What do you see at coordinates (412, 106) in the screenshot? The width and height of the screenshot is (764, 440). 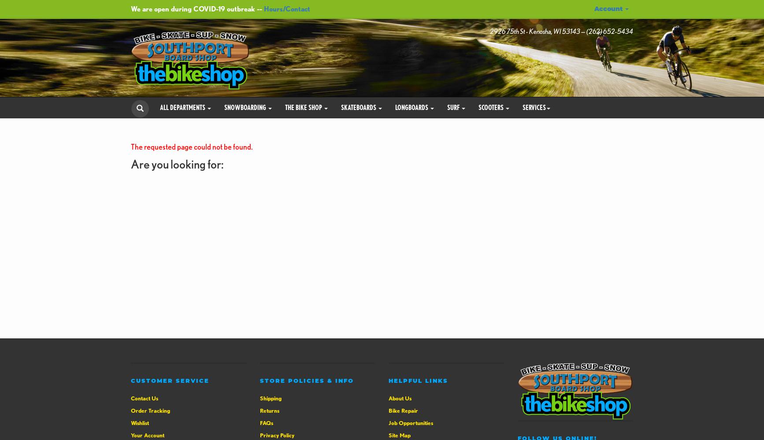 I see `'Longboards'` at bounding box center [412, 106].